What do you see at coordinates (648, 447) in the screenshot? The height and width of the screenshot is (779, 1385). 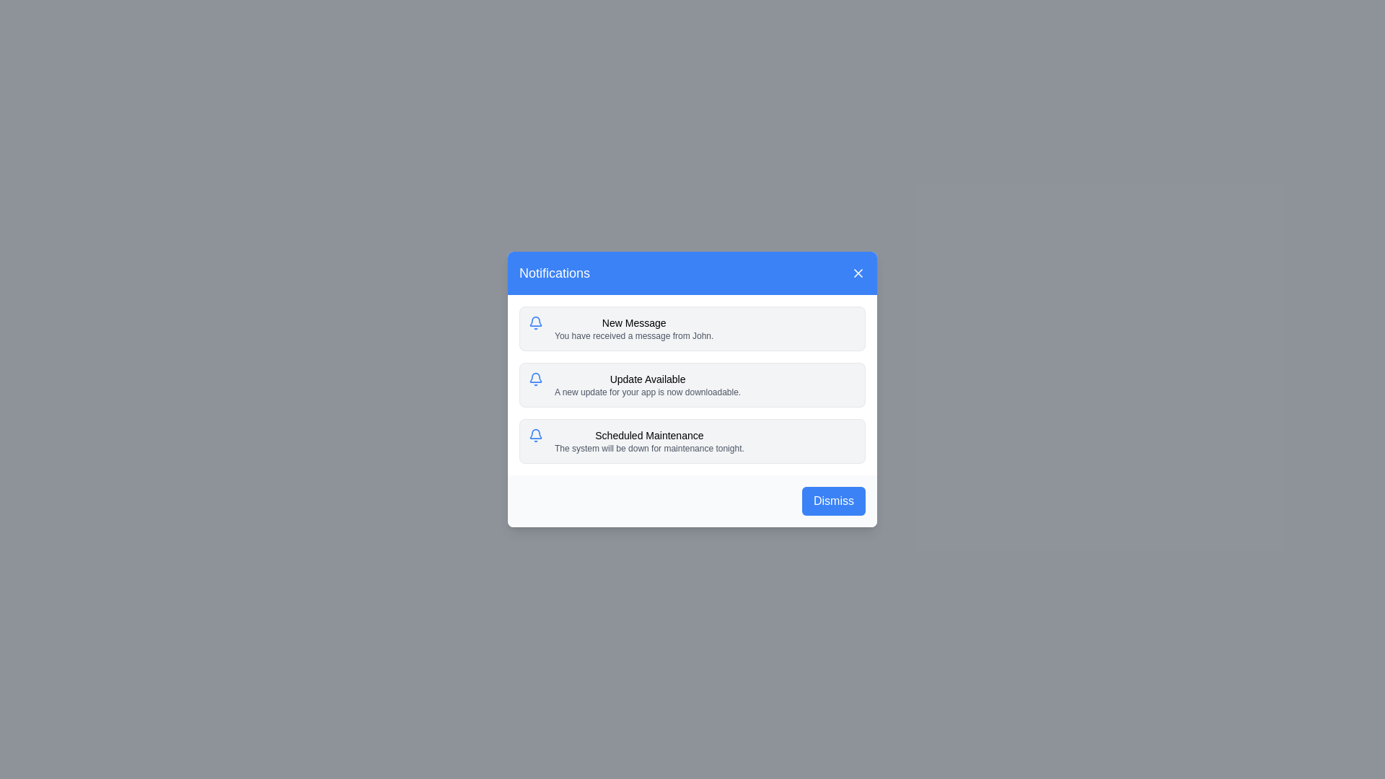 I see `the text label that reads 'The system will be down for maintenance tonight.' located below the title 'Scheduled Maintenance' in the third notification card` at bounding box center [648, 447].